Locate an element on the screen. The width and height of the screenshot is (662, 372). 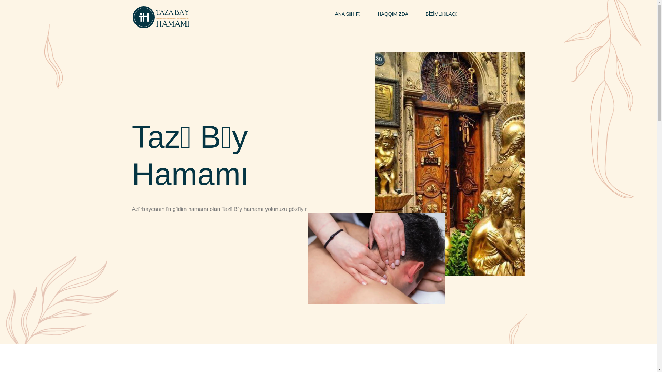
'HAQQIMIZDA' is located at coordinates (393, 14).